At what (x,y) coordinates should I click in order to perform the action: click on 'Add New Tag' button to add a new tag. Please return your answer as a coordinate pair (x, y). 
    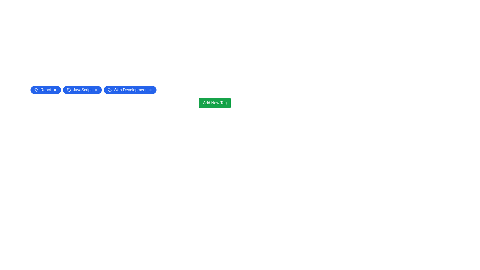
    Looking at the image, I should click on (215, 103).